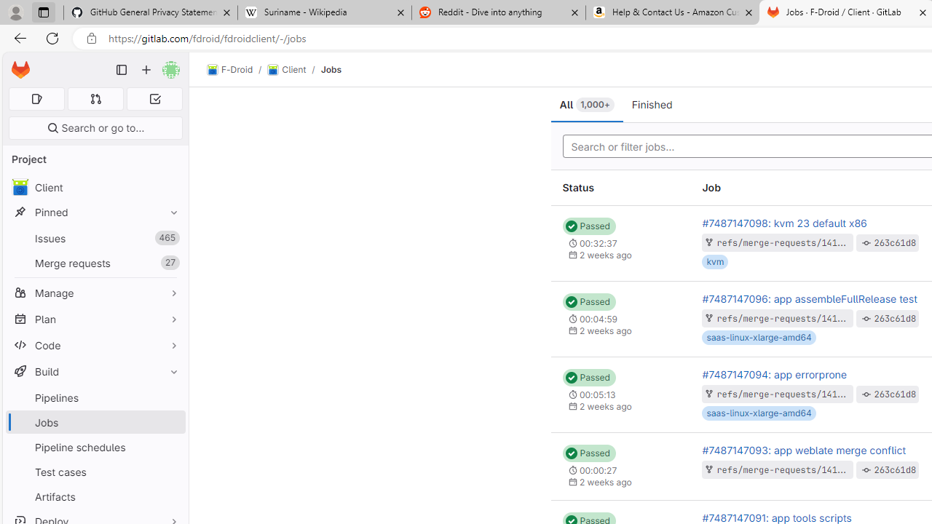 The width and height of the screenshot is (932, 524). I want to click on 'Status', so click(620, 187).